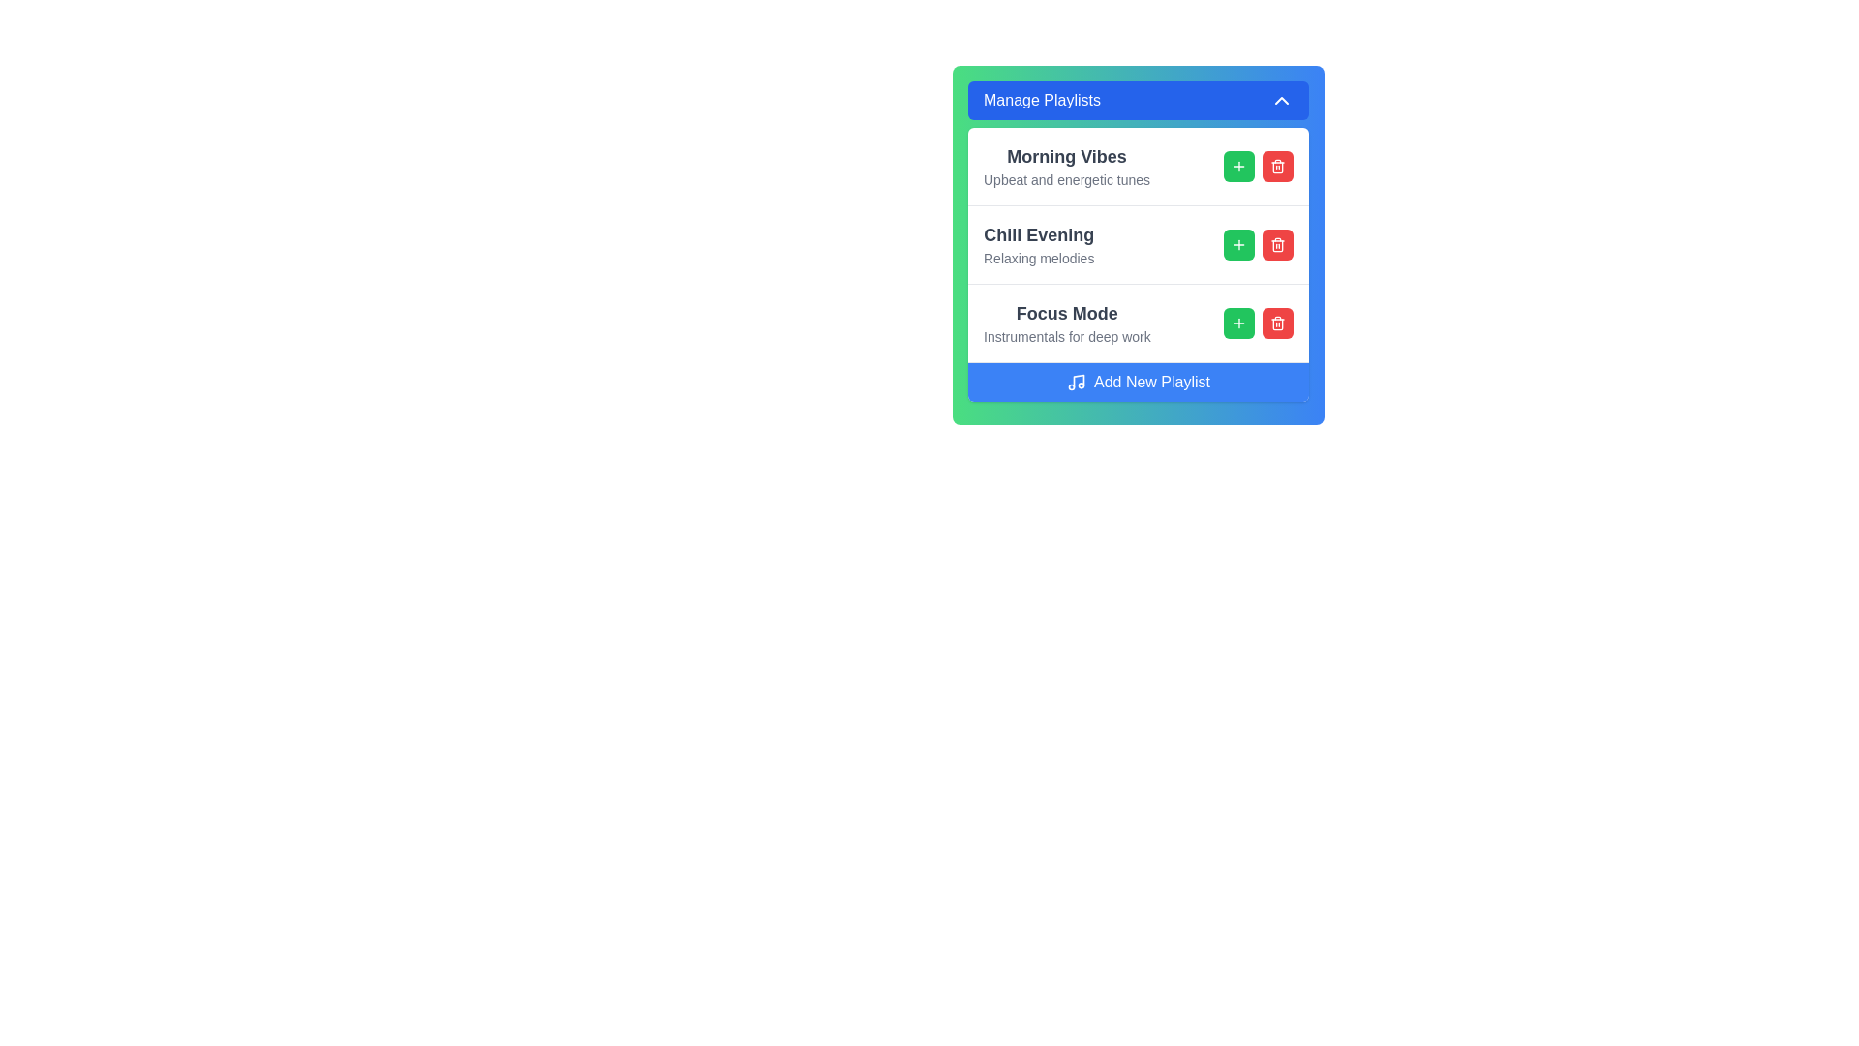 This screenshot has width=1859, height=1046. I want to click on the first list item titled 'Morning Vibes', so click(1139, 166).